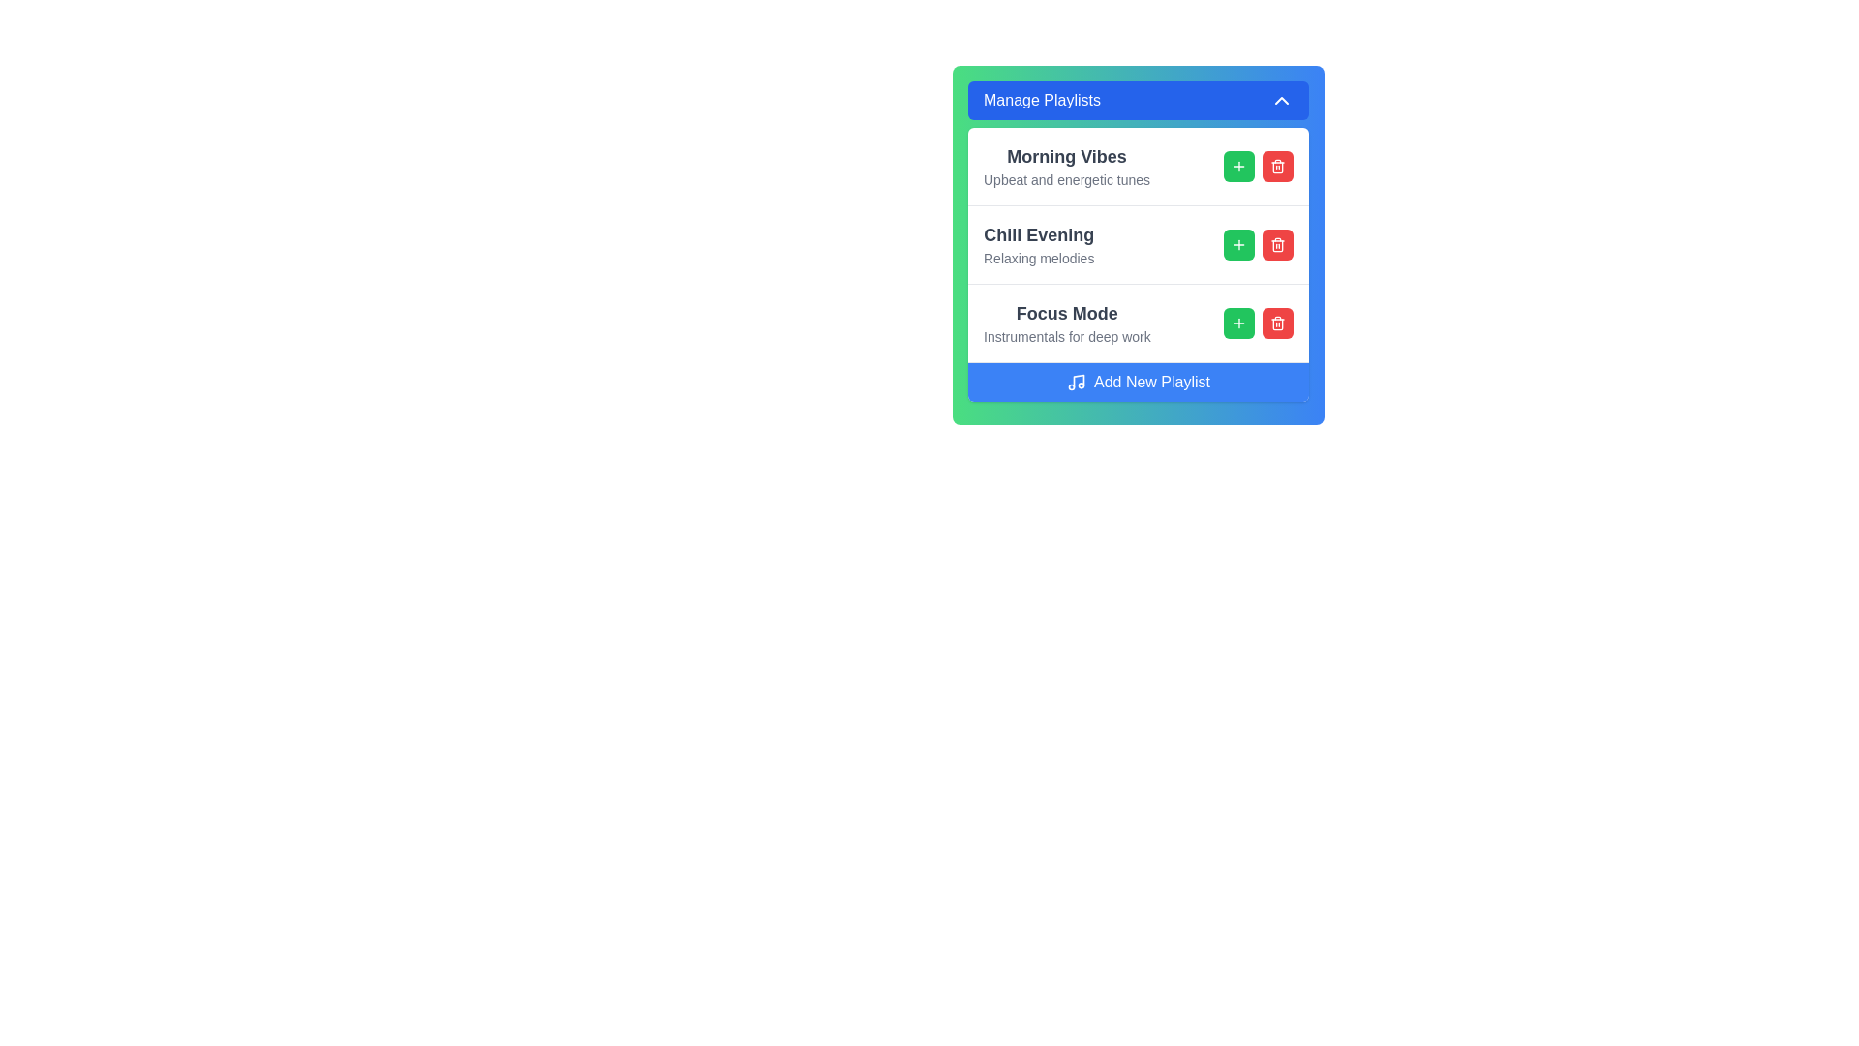 This screenshot has width=1859, height=1046. I want to click on the first list item titled 'Morning Vibes', so click(1139, 166).